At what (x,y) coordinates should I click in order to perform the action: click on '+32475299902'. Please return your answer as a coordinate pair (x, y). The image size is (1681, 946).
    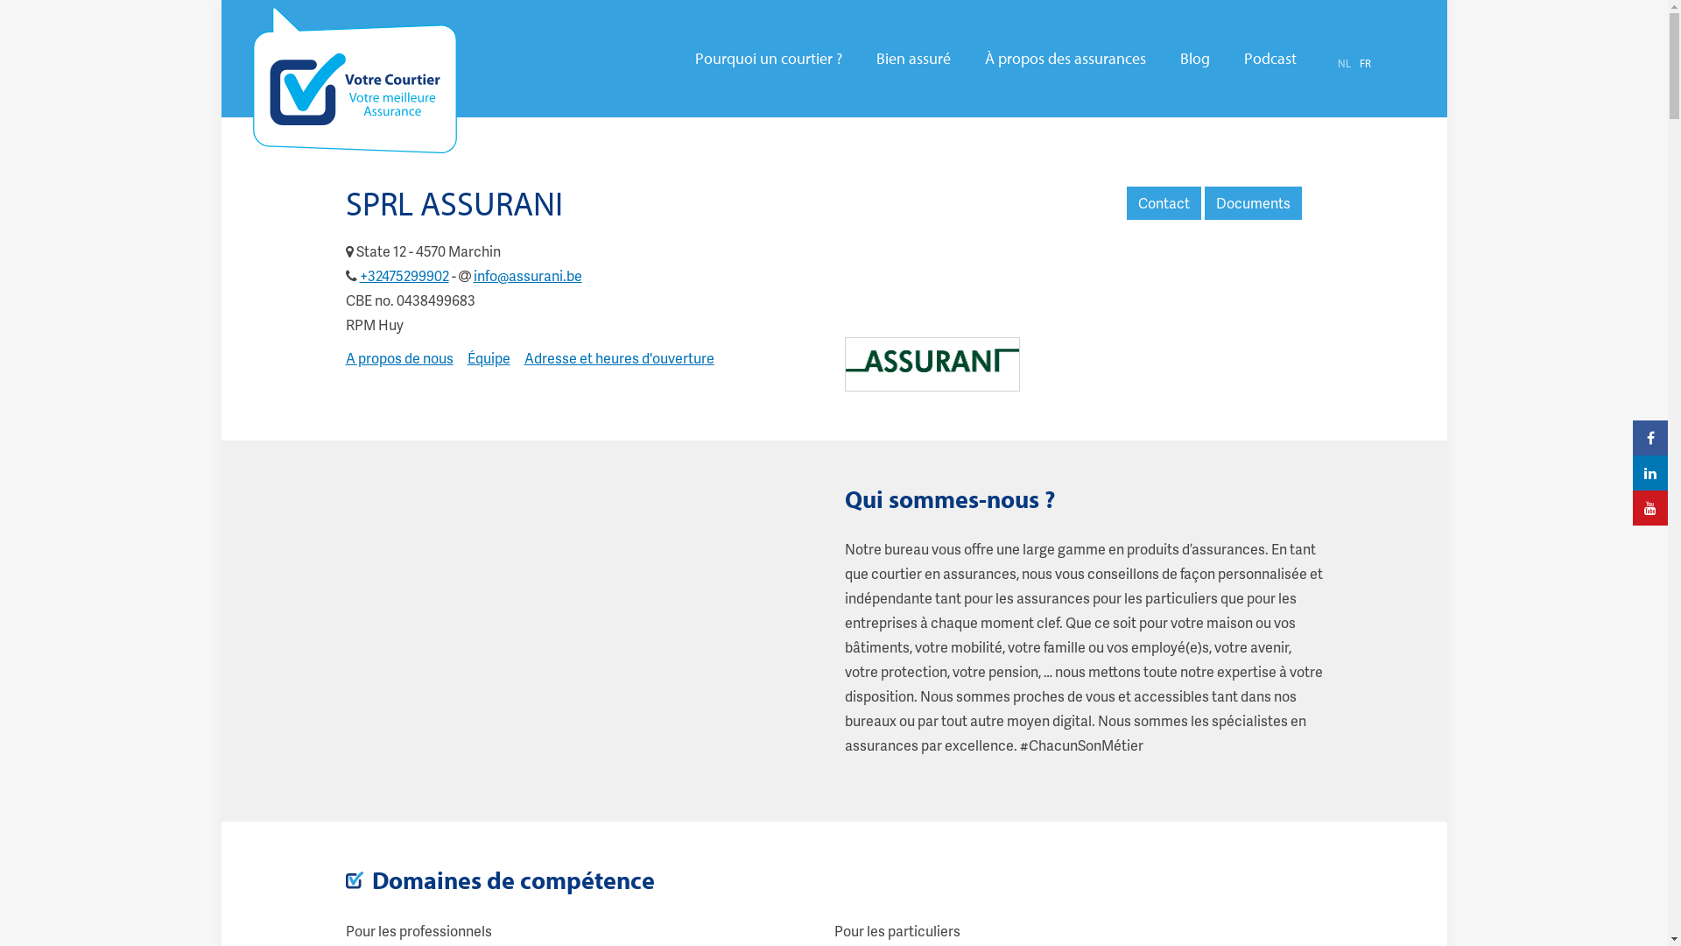
    Looking at the image, I should click on (402, 275).